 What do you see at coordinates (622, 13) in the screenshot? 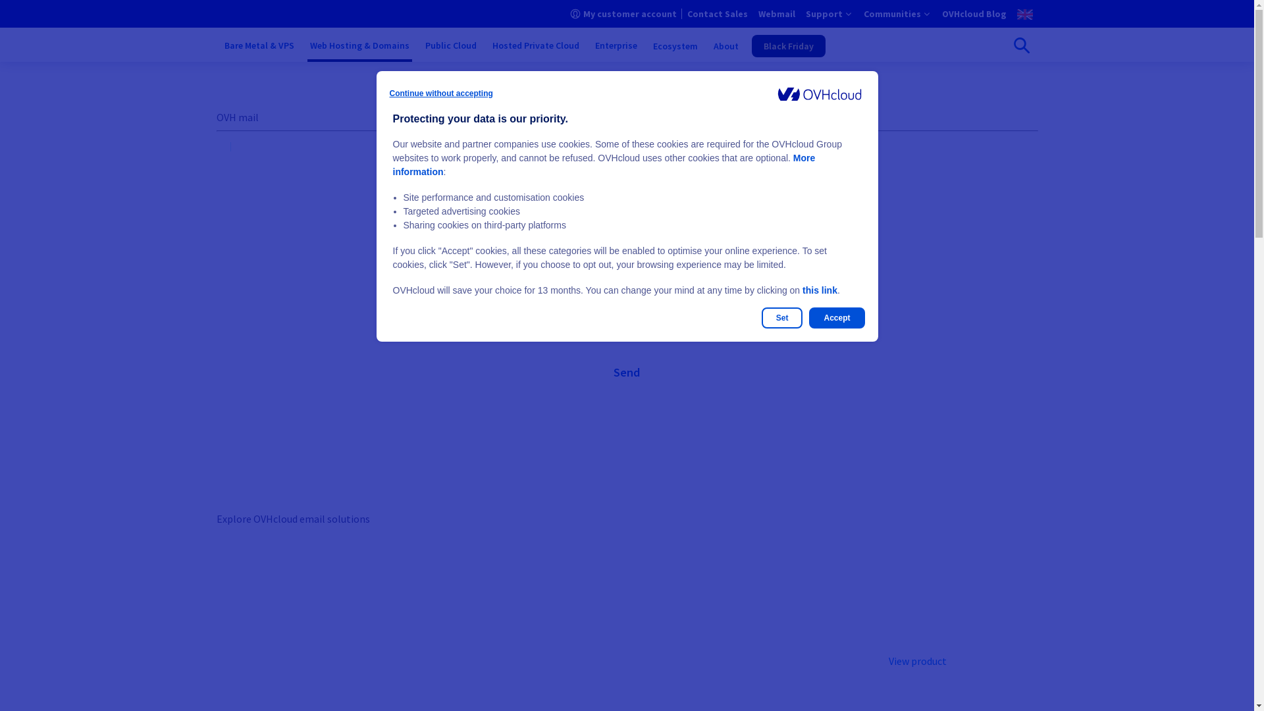
I see `'My customer account'` at bounding box center [622, 13].